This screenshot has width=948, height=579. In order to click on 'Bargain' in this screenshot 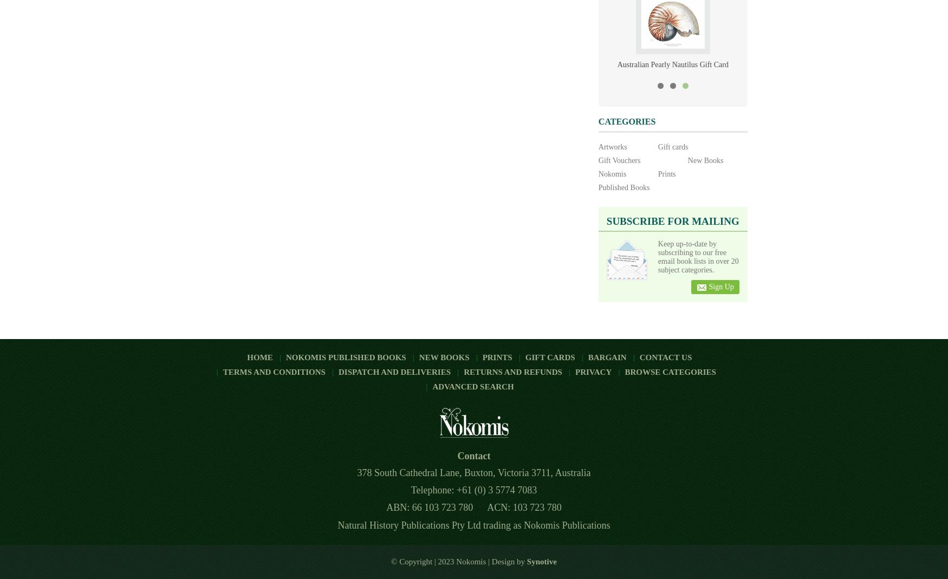, I will do `click(607, 357)`.